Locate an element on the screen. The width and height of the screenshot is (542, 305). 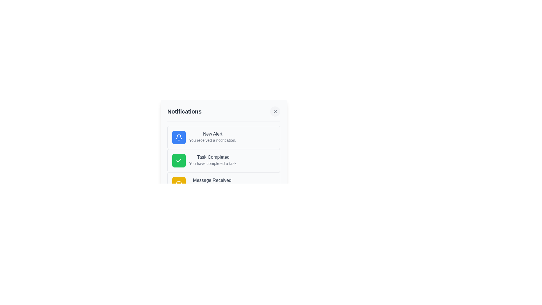
the text label indicating that a message has been received, which is the first line of the third notification item in the notifications pane is located at coordinates (212, 180).